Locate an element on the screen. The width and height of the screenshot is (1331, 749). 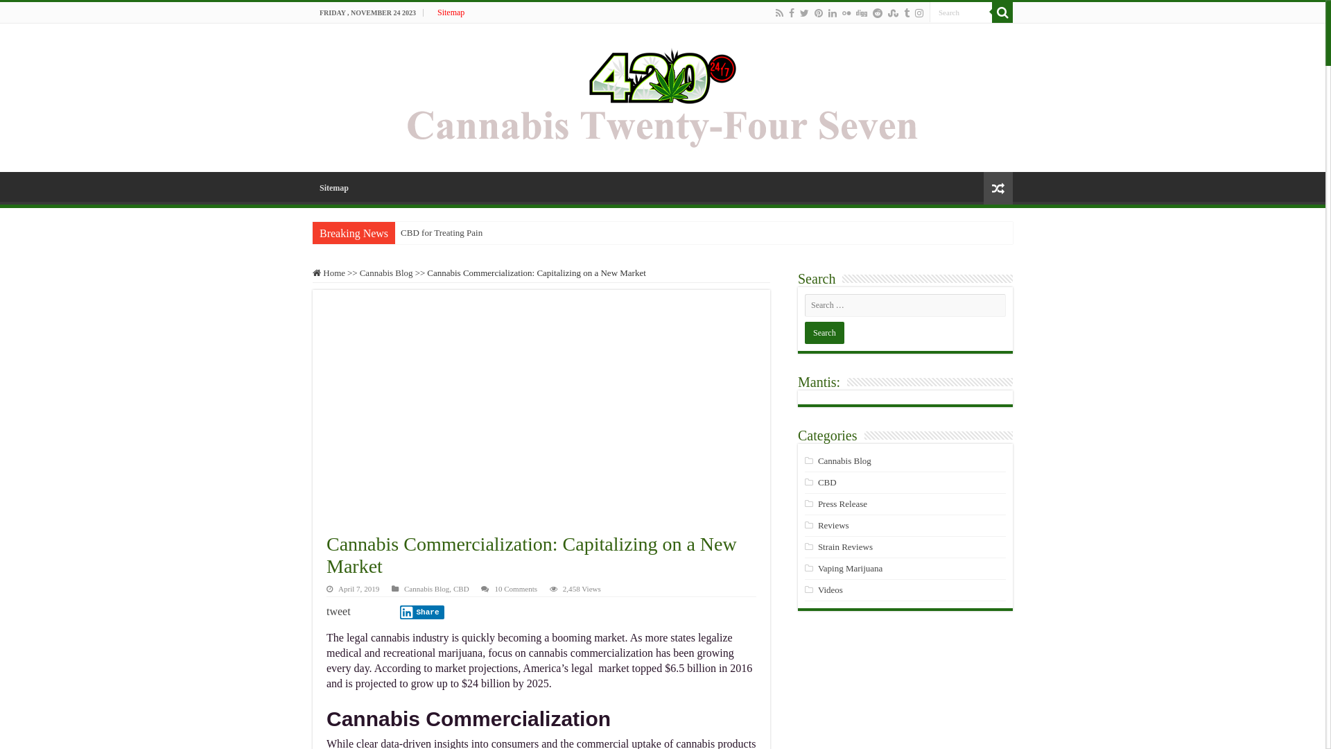
'Flickr' is located at coordinates (845, 13).